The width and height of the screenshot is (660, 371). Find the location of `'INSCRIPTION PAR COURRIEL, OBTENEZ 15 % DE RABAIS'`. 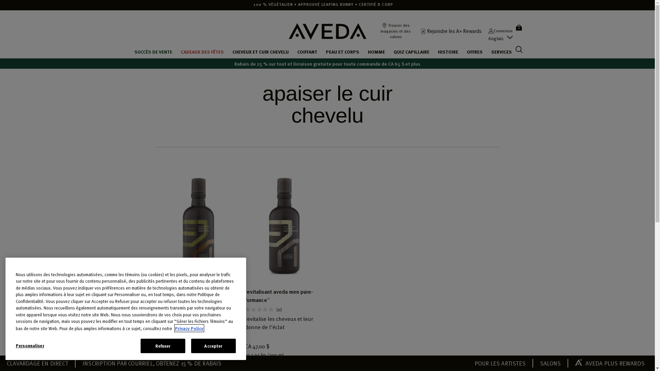

'INSCRIPTION PAR COURRIEL, OBTENEZ 15 % DE RABAIS' is located at coordinates (152, 362).